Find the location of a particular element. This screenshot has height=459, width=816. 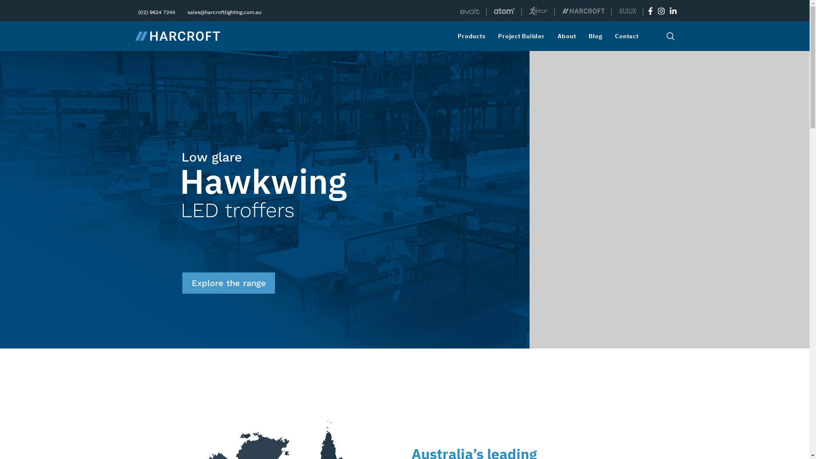

'(02) 9624 7244' is located at coordinates (136, 11).